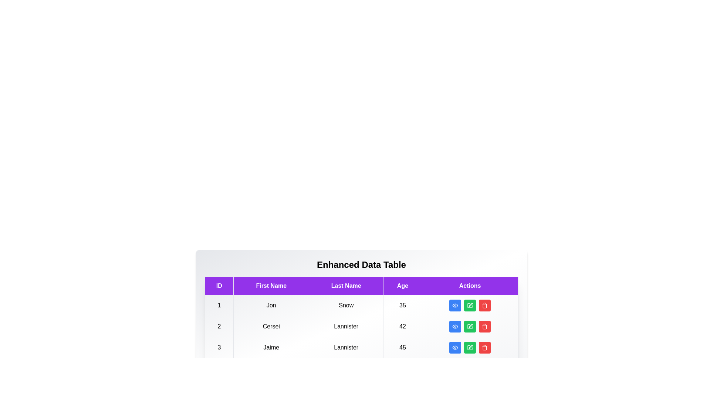  What do you see at coordinates (361, 348) in the screenshot?
I see `the row corresponding to 3 to highlight it` at bounding box center [361, 348].